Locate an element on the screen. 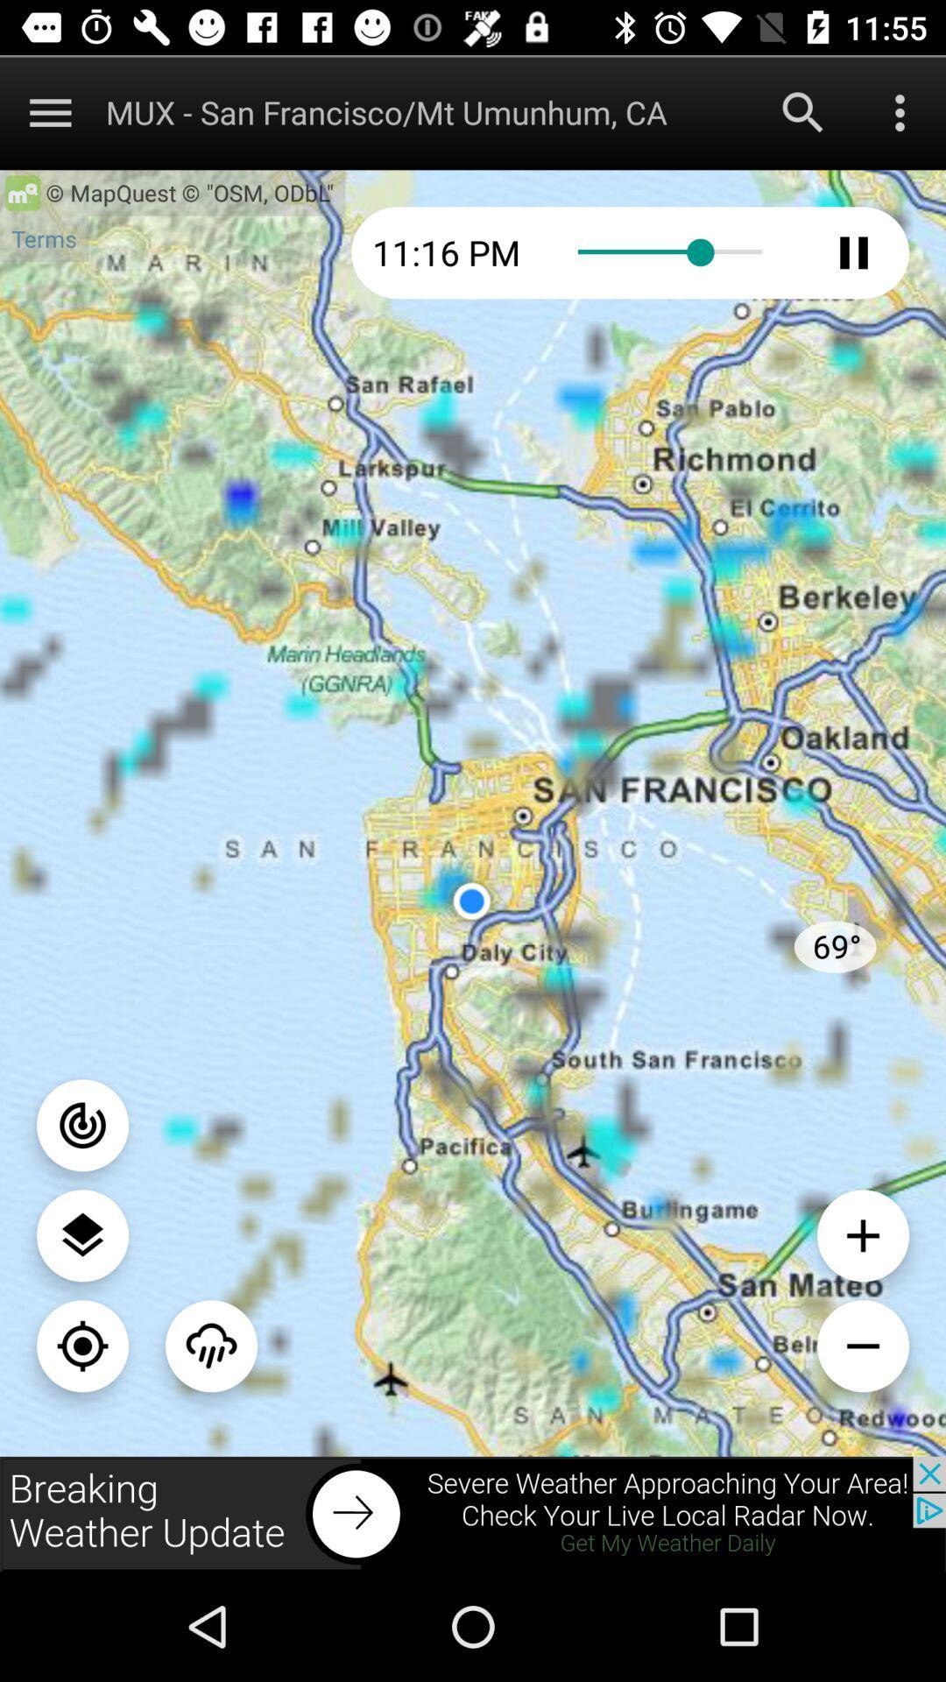 The image size is (946, 1682). the add icon is located at coordinates (862, 1234).